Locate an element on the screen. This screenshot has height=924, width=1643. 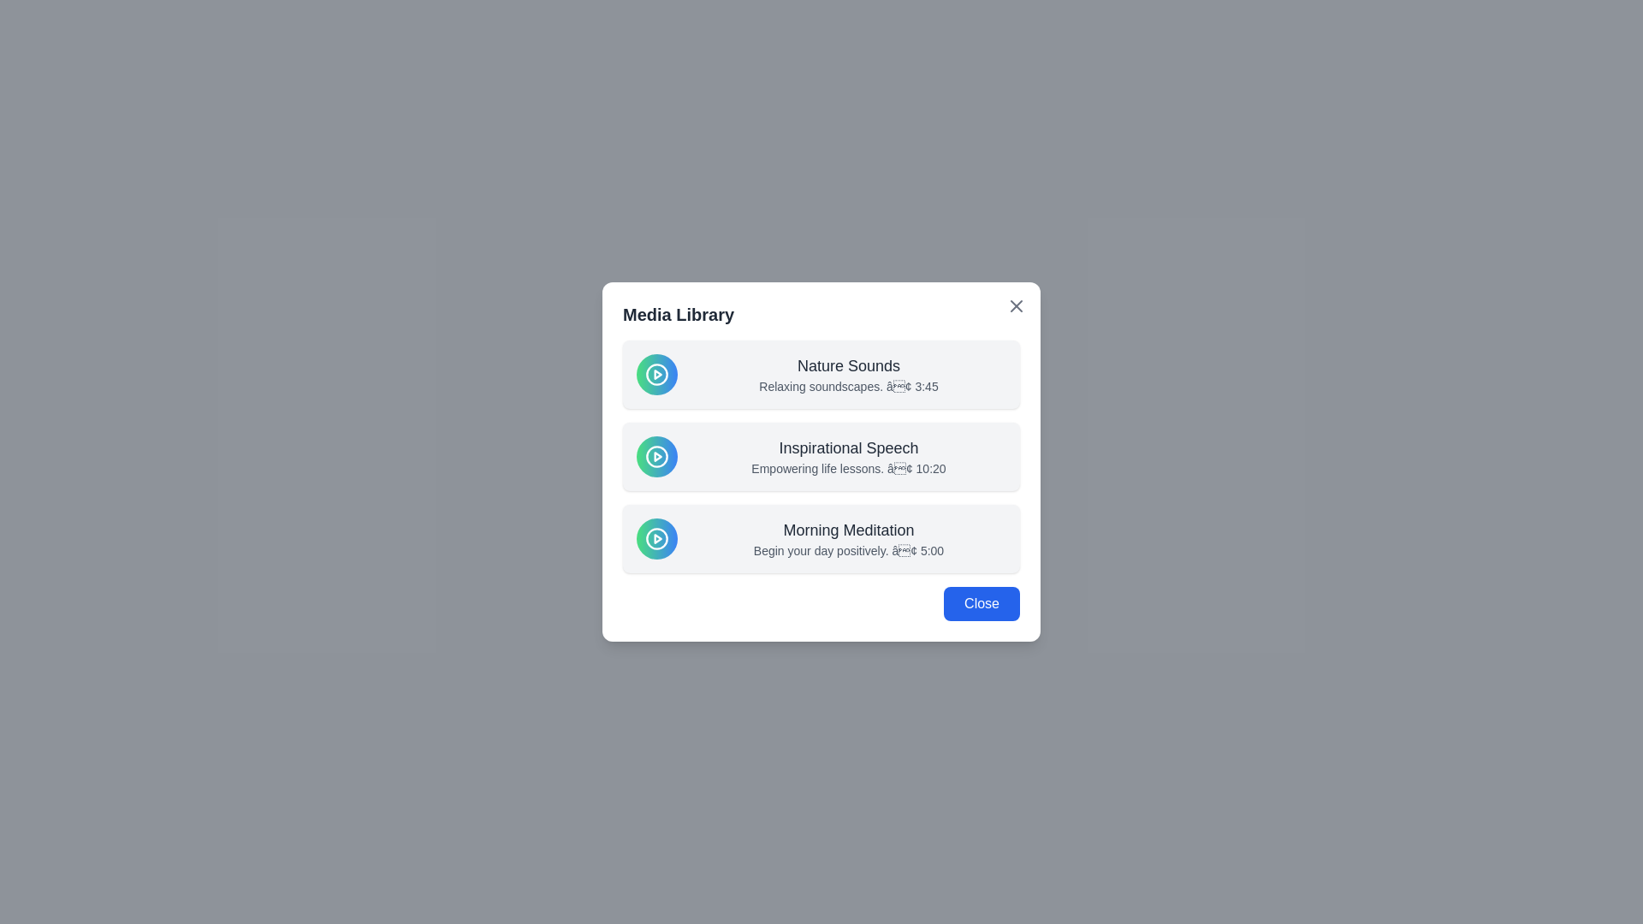
the 'Close' button to close the dialog is located at coordinates (982, 602).